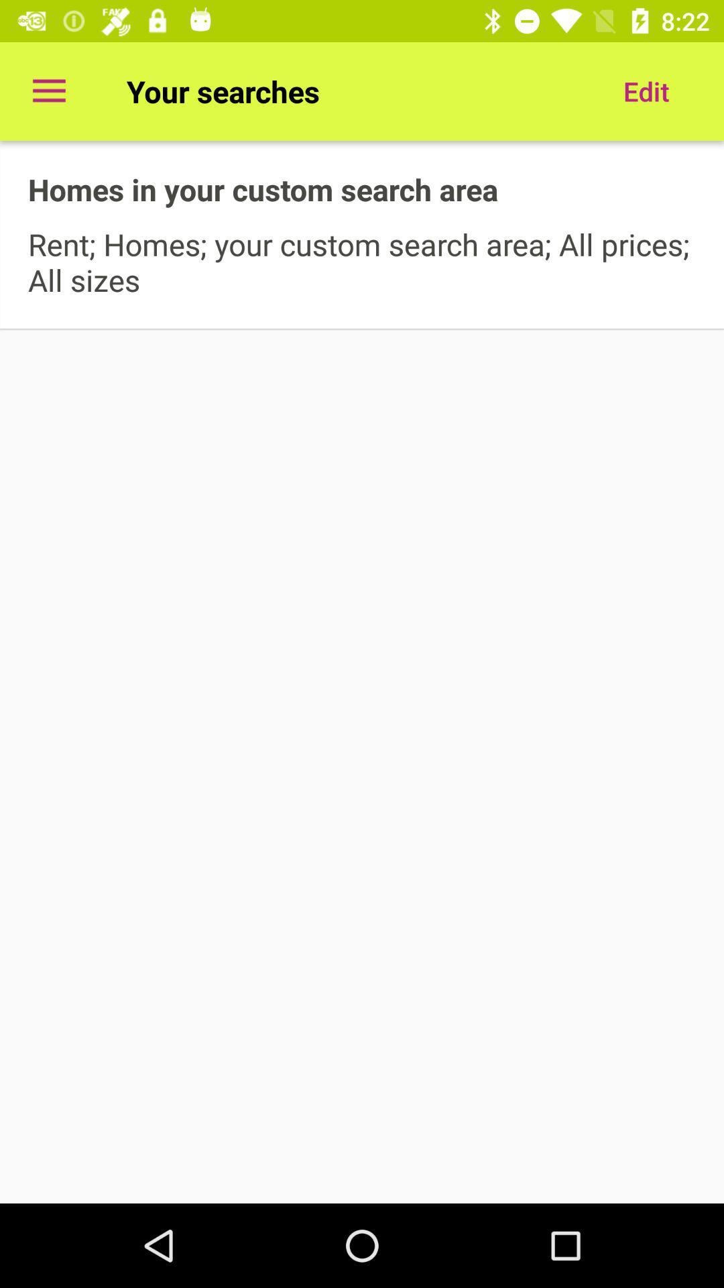 The height and width of the screenshot is (1288, 724). I want to click on item at the top left corner, so click(48, 91).